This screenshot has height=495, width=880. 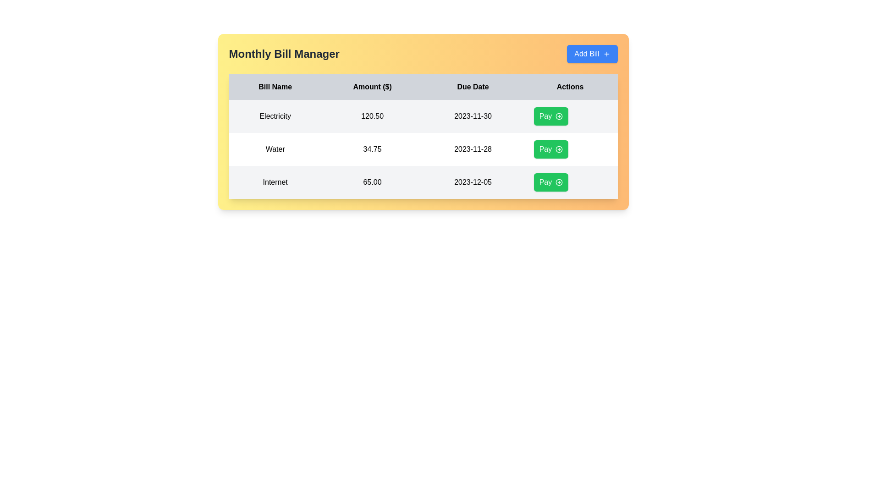 What do you see at coordinates (559, 182) in the screenshot?
I see `the circular icon with a right-pointing arrow on a green background, located to the right of the 'Pay' button in the last row of the Actions column` at bounding box center [559, 182].